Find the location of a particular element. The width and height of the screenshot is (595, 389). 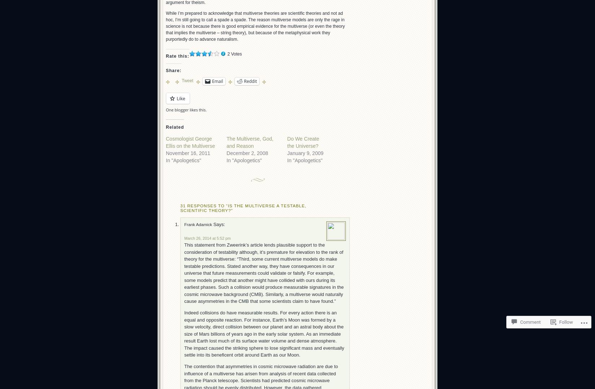

'Related' is located at coordinates (174, 127).